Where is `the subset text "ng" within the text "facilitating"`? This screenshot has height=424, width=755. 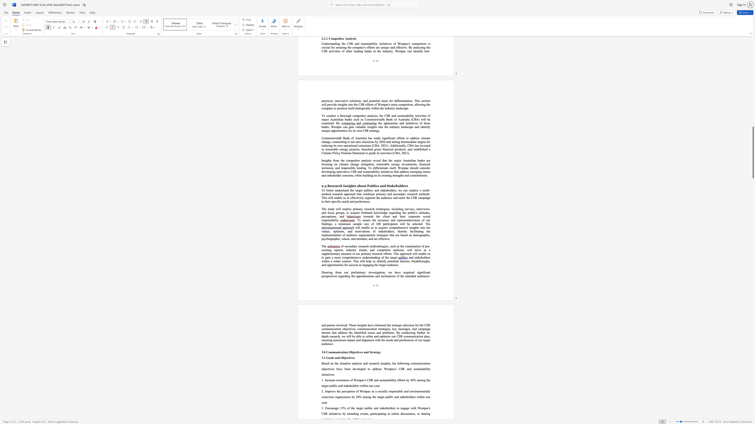 the subset text "ng" within the text "facilitating" is located at coordinates (420, 231).